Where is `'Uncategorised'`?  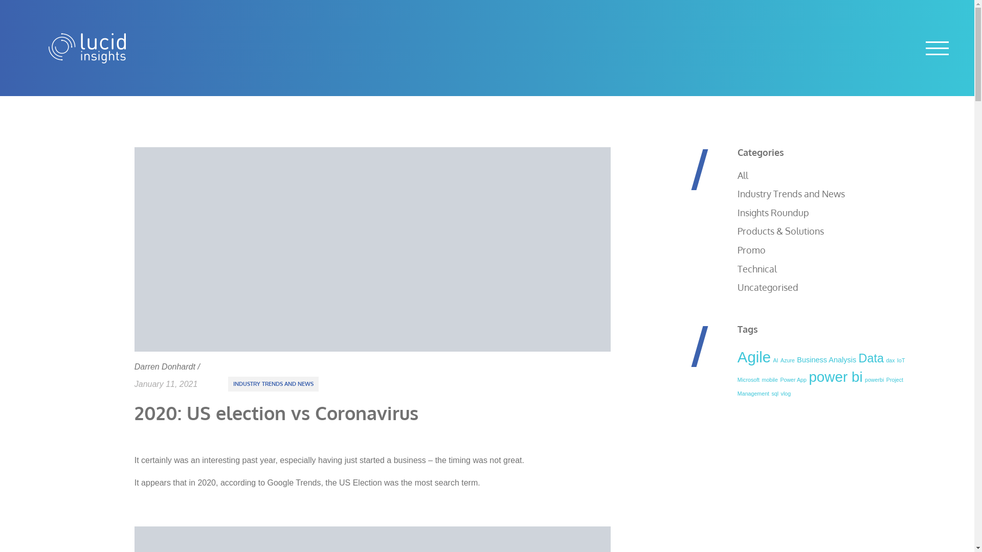 'Uncategorised' is located at coordinates (768, 287).